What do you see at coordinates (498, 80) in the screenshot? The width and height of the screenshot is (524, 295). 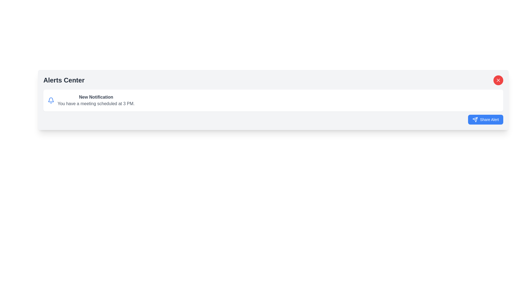 I see `the icon button located at the top-right corner of the notification card` at bounding box center [498, 80].